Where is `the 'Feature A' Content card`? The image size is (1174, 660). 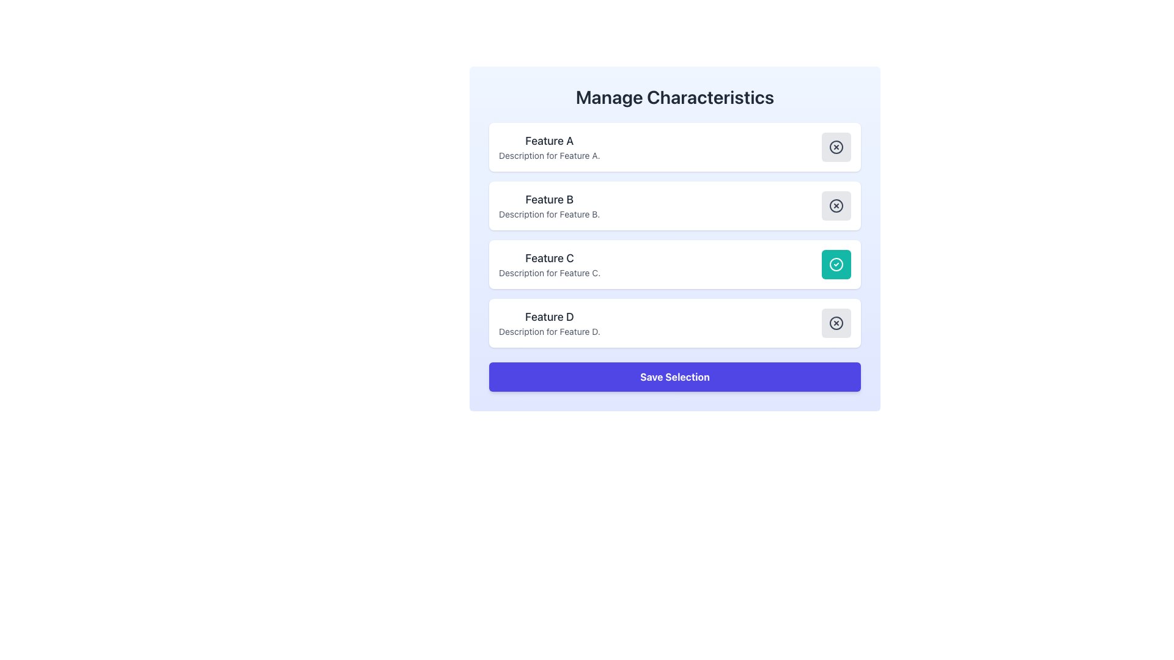 the 'Feature A' Content card is located at coordinates (674, 146).